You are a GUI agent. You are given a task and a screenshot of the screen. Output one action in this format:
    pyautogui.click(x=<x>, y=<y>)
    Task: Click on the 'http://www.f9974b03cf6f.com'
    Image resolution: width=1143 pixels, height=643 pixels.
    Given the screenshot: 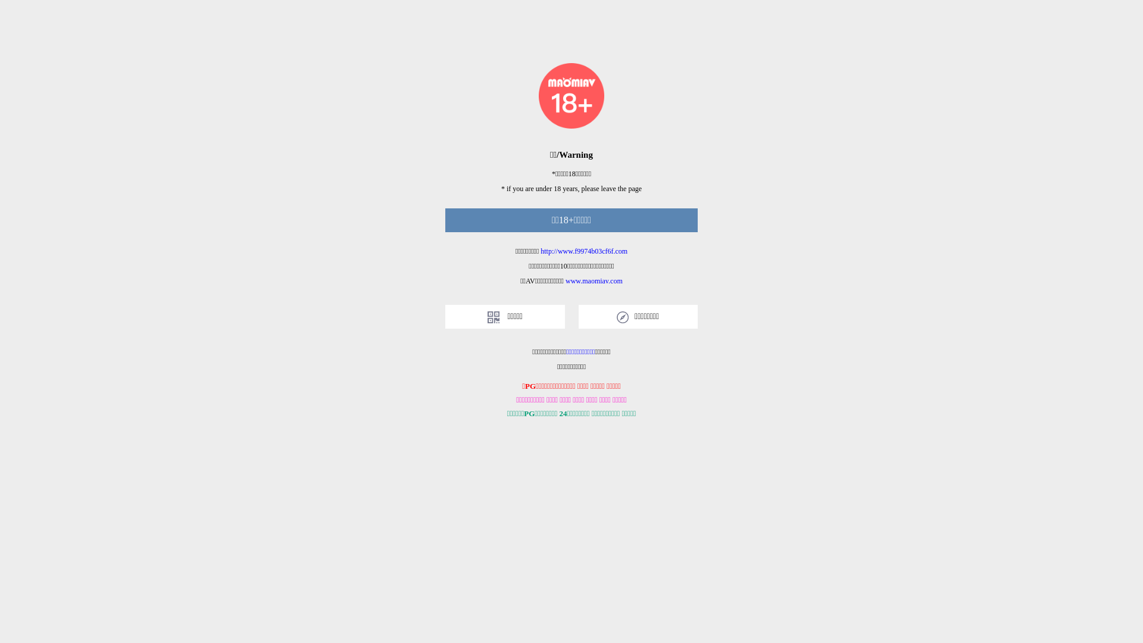 What is the action you would take?
    pyautogui.click(x=583, y=250)
    